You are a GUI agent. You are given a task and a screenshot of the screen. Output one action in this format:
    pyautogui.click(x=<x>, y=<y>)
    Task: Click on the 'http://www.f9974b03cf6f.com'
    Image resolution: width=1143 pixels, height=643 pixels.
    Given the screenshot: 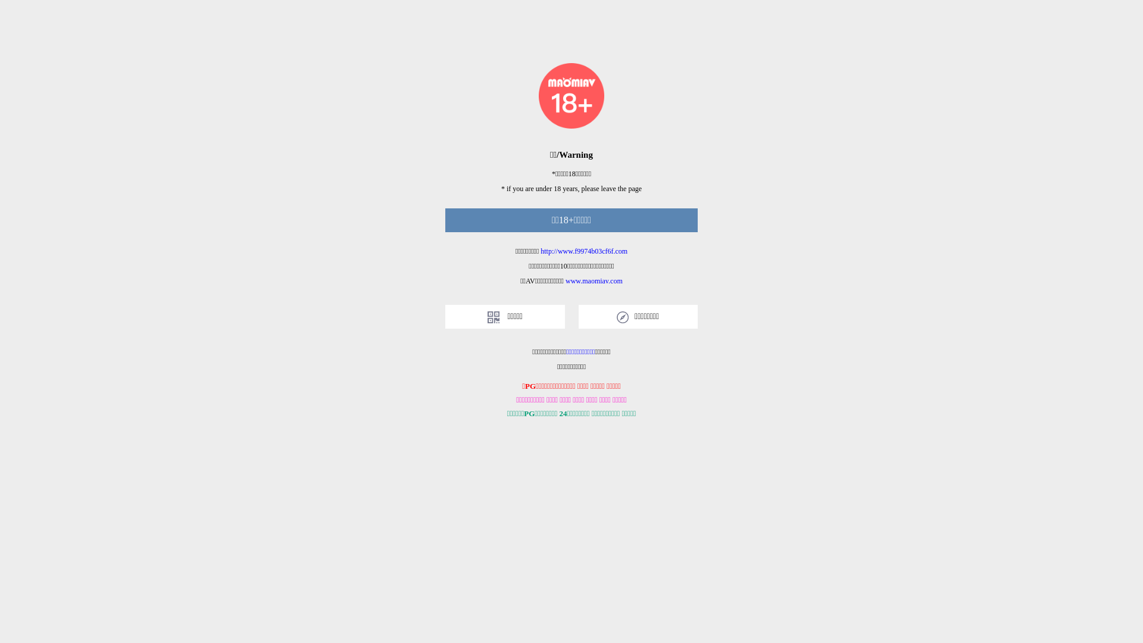 What is the action you would take?
    pyautogui.click(x=583, y=250)
    